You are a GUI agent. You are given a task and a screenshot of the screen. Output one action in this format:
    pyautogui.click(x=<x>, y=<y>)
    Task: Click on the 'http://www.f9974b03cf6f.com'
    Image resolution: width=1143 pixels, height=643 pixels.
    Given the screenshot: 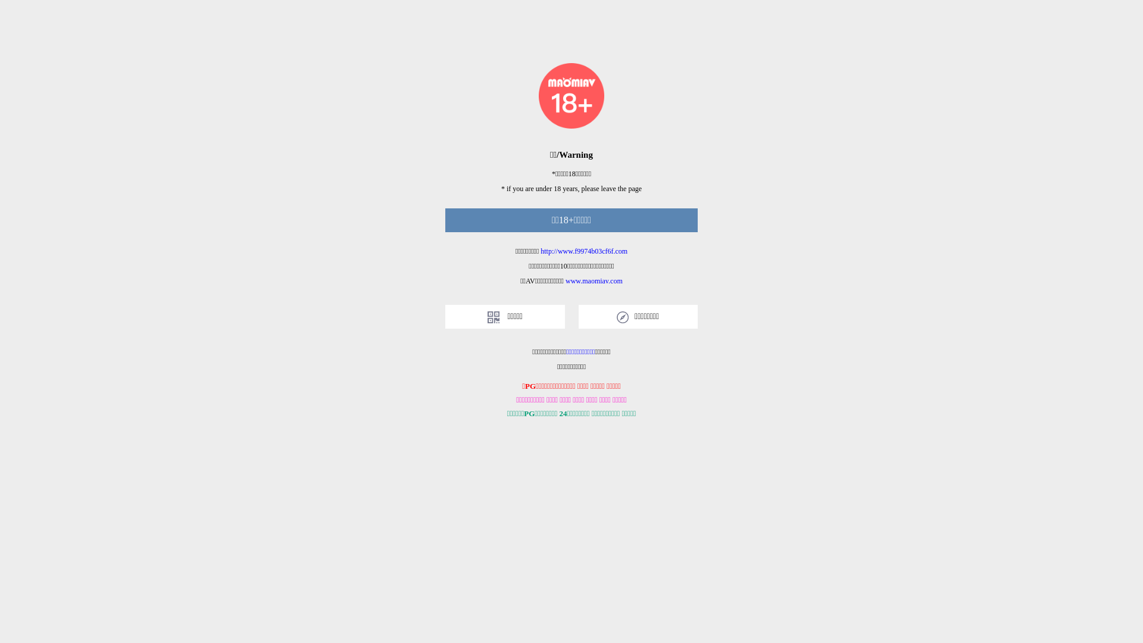 What is the action you would take?
    pyautogui.click(x=583, y=250)
    